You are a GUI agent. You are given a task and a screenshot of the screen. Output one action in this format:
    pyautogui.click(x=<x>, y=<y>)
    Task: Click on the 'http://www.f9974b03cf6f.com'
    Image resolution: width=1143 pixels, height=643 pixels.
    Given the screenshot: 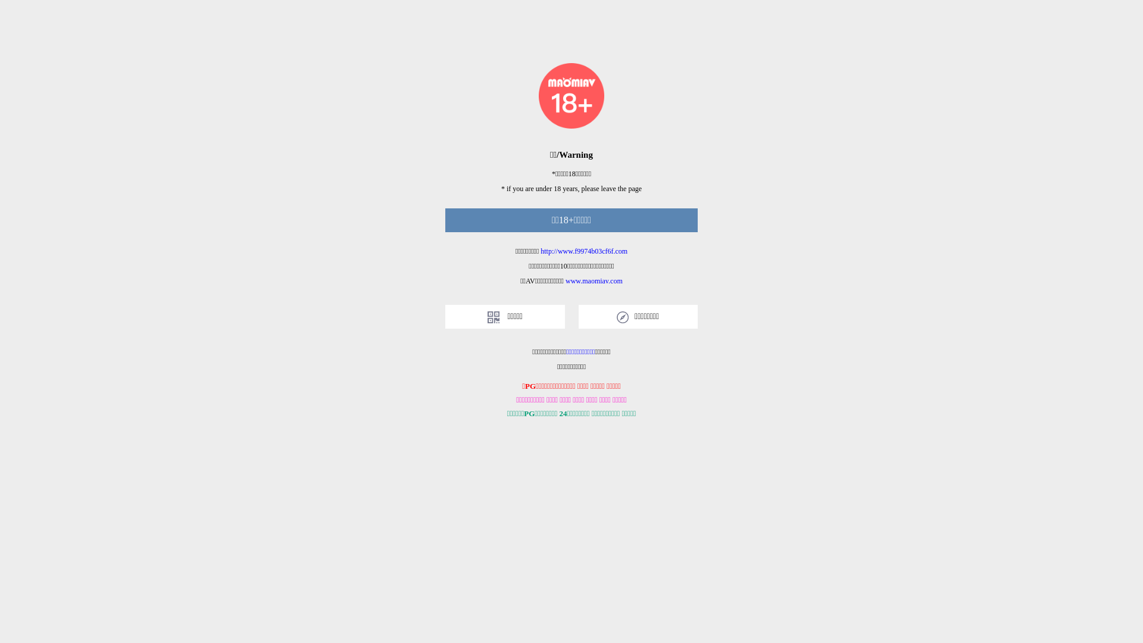 What is the action you would take?
    pyautogui.click(x=583, y=250)
    